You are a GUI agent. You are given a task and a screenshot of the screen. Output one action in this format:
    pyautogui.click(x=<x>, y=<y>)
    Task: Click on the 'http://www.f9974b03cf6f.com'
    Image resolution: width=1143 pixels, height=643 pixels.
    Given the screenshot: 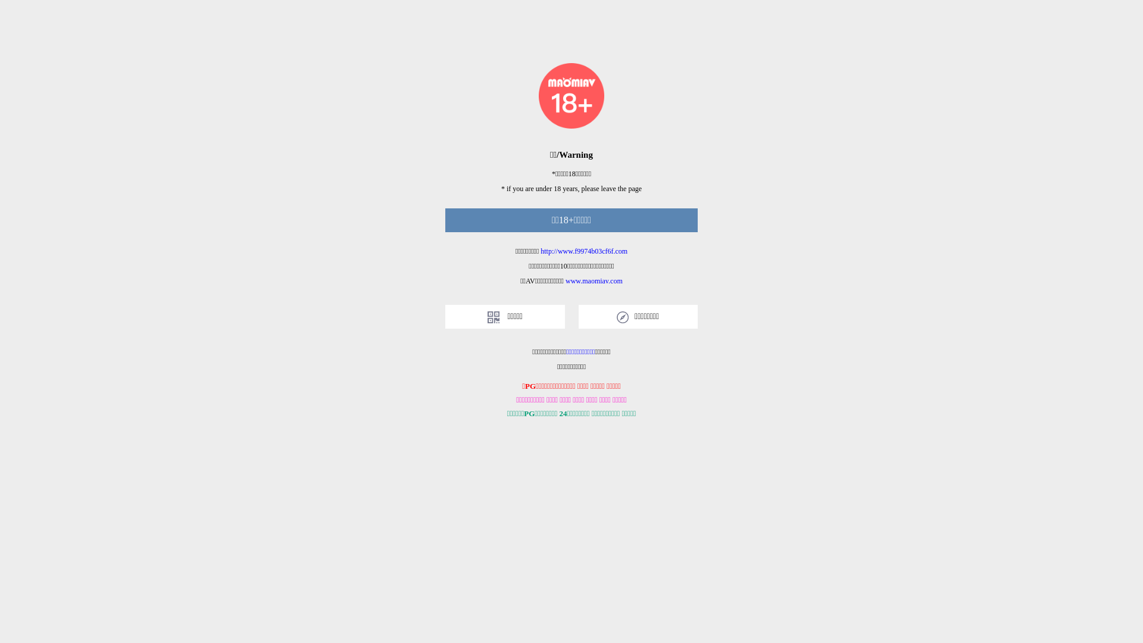 What is the action you would take?
    pyautogui.click(x=583, y=250)
    